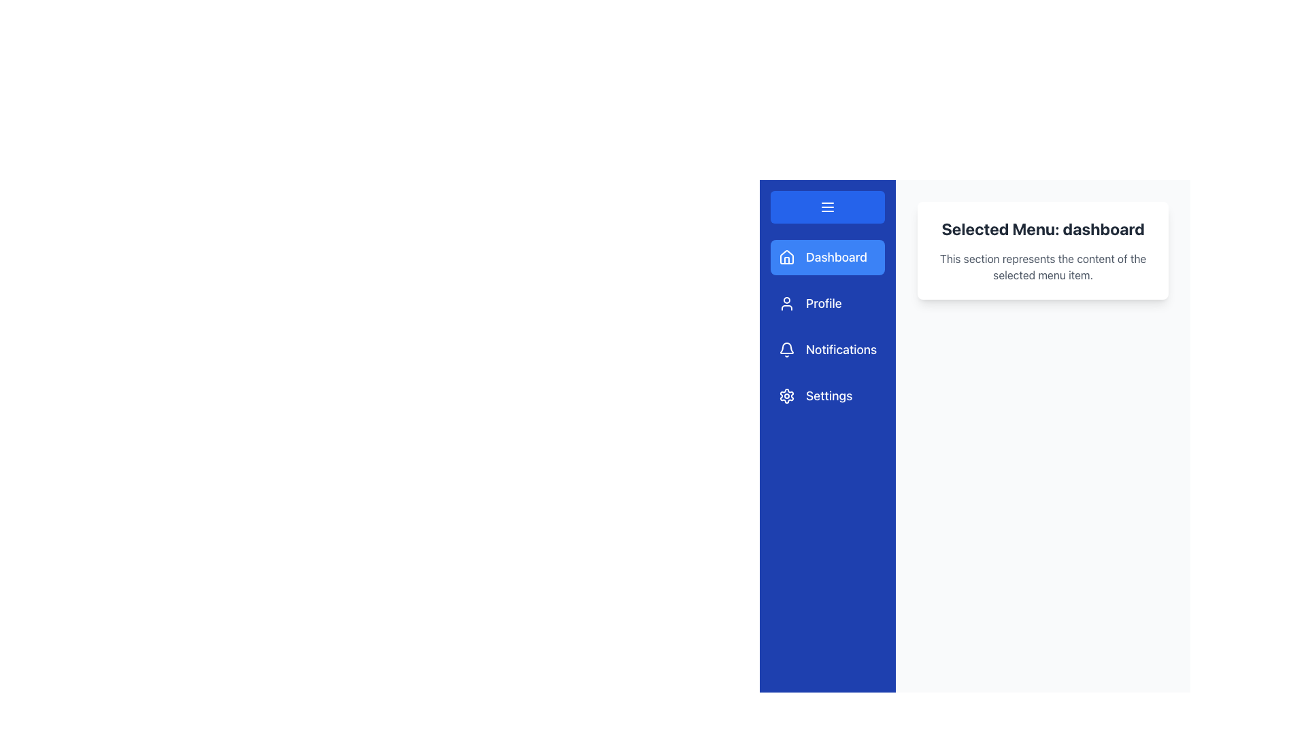 The width and height of the screenshot is (1306, 734). What do you see at coordinates (828, 396) in the screenshot?
I see `the 'Settings' text label within the sidebar navigation menu` at bounding box center [828, 396].